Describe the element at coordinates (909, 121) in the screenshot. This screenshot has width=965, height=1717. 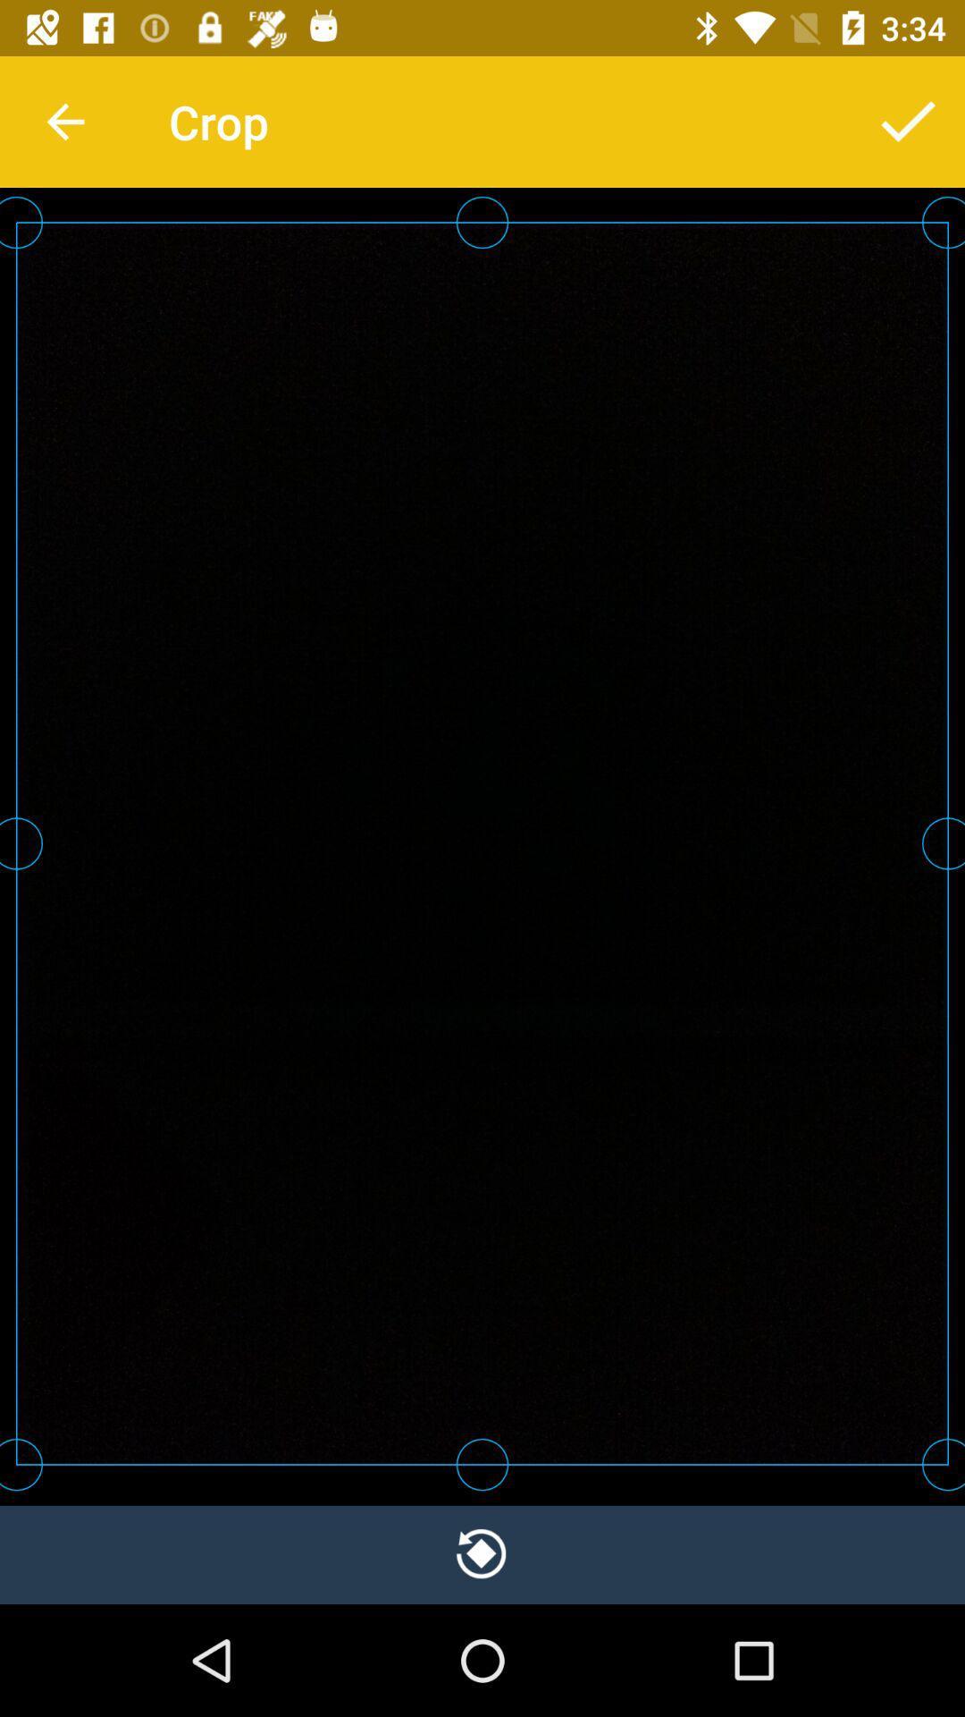
I see `the item next to crop` at that location.